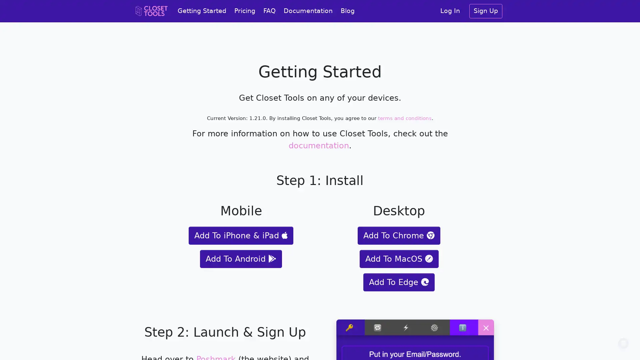 The image size is (640, 360). Describe the element at coordinates (241, 235) in the screenshot. I see `Add To iPhone & iPad` at that location.